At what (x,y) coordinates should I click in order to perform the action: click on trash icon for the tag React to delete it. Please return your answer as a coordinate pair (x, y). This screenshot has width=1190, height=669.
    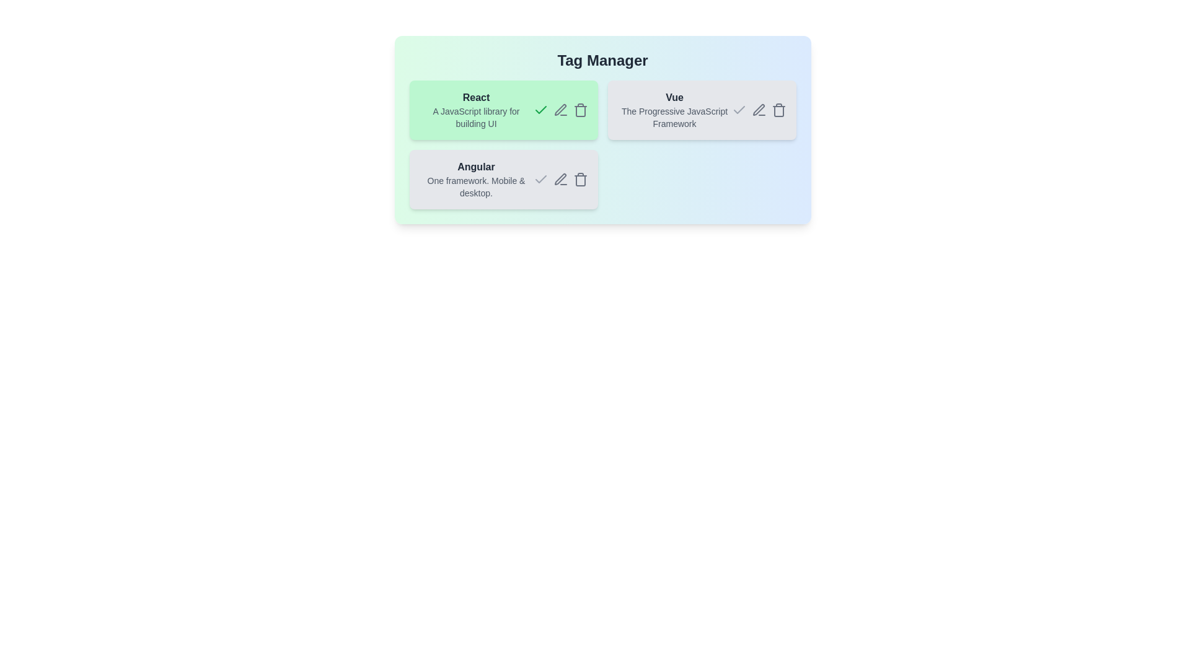
    Looking at the image, I should click on (580, 109).